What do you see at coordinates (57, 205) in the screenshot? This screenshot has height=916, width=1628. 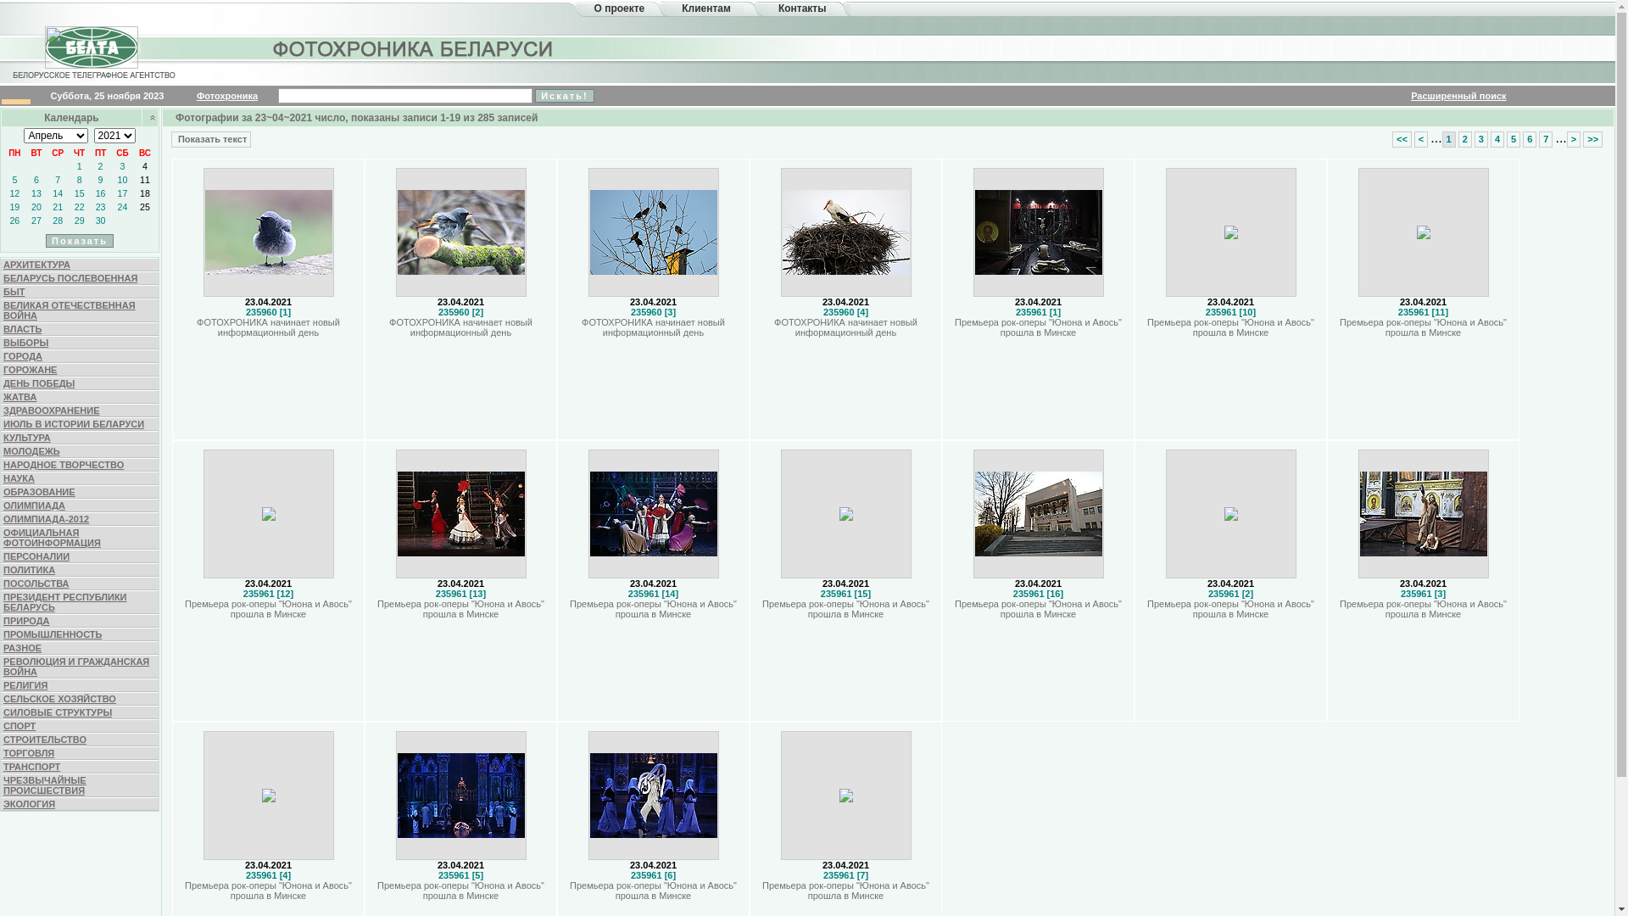 I see `'21'` at bounding box center [57, 205].